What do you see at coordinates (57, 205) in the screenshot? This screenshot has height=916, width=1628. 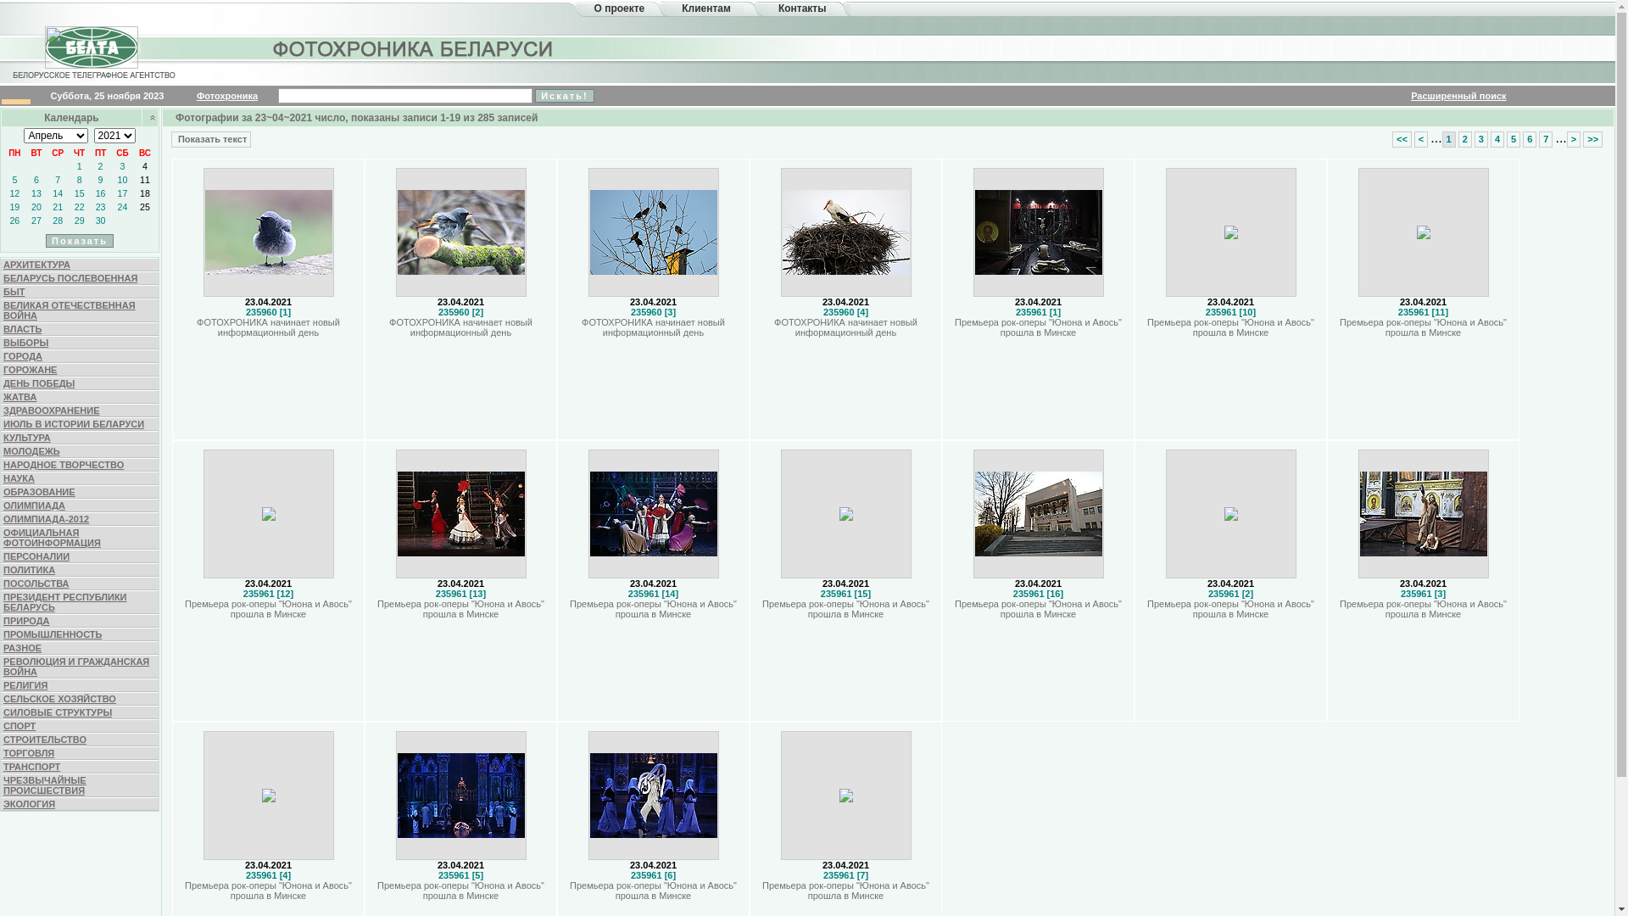 I see `'21'` at bounding box center [57, 205].